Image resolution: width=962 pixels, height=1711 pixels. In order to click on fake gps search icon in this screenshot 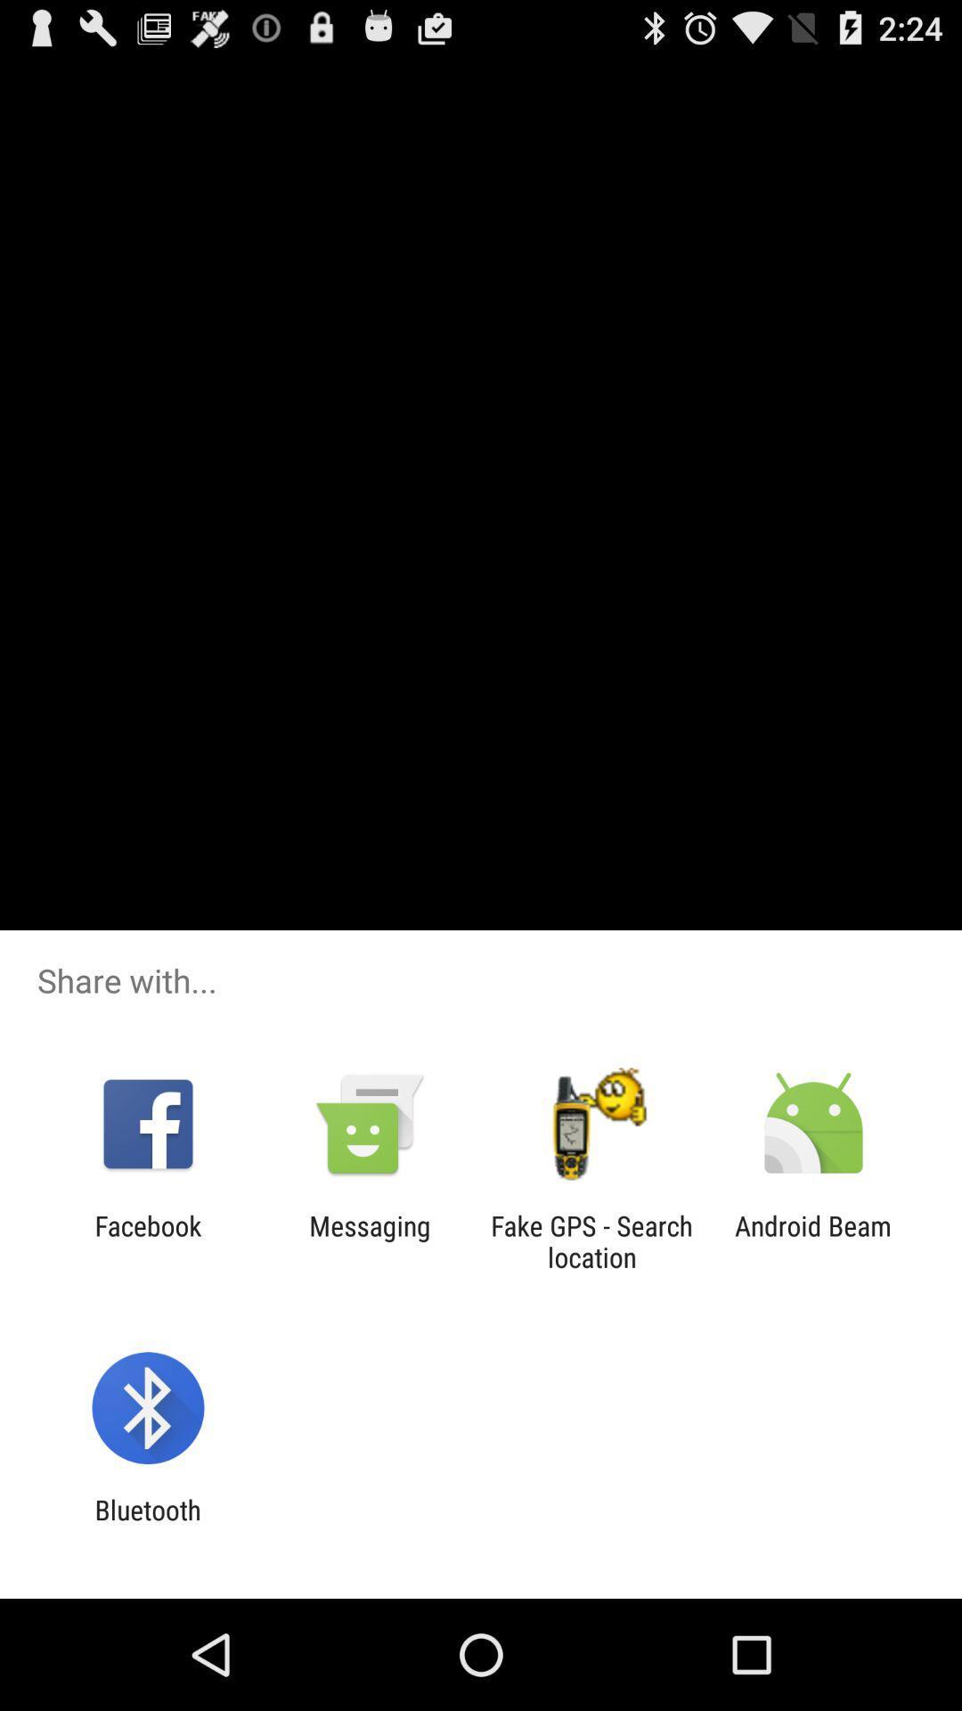, I will do `click(591, 1240)`.